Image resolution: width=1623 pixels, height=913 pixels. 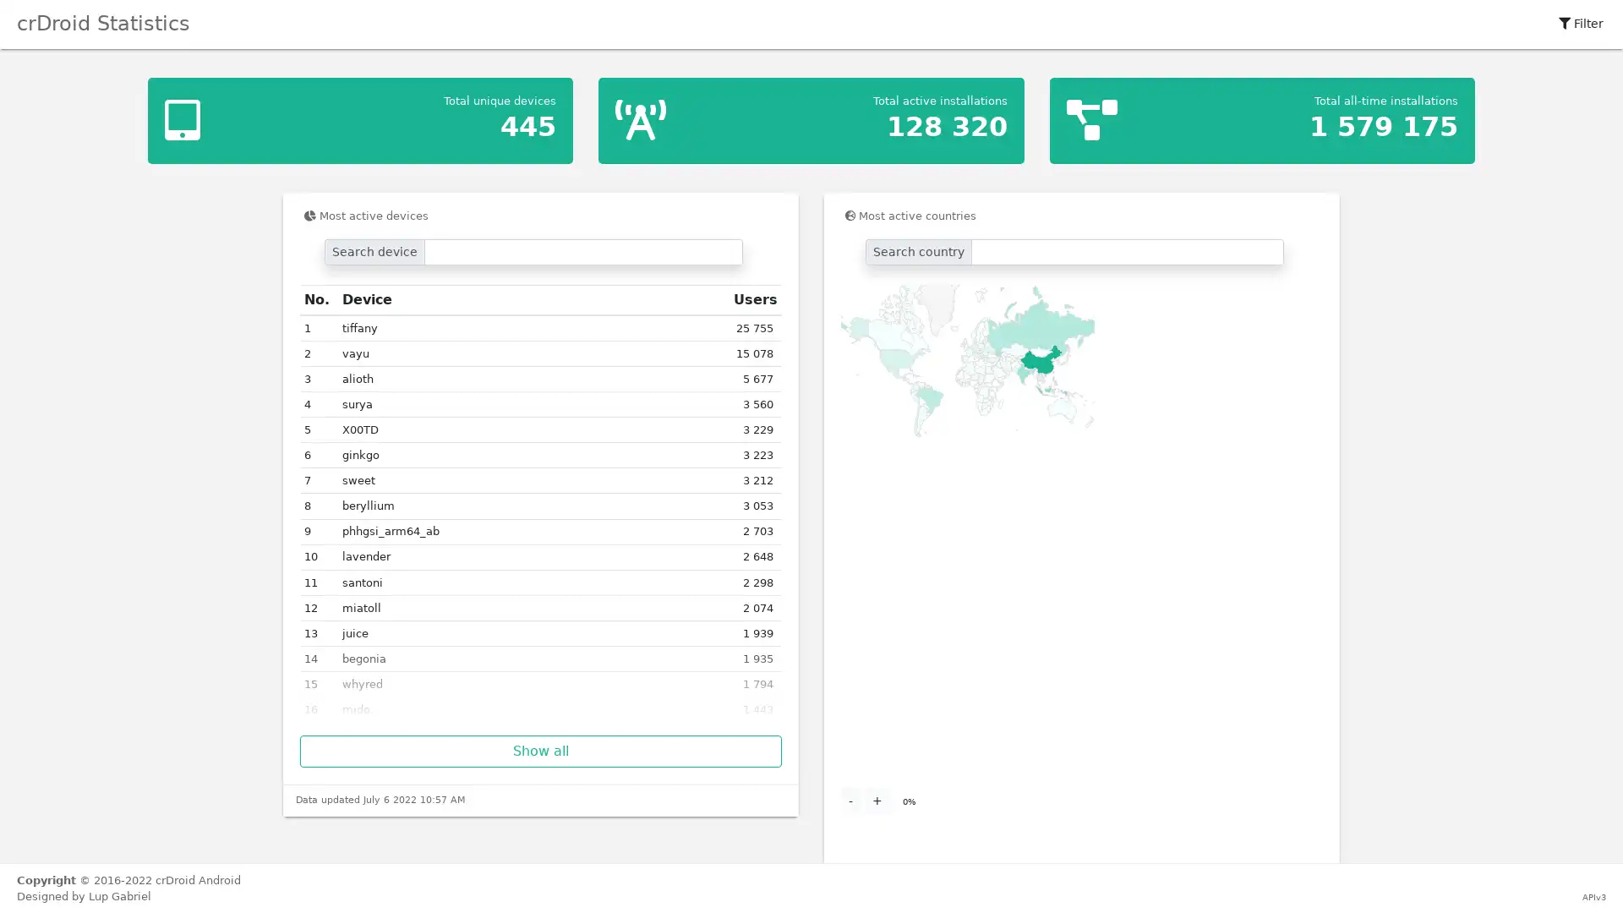 I want to click on Filter, so click(x=1580, y=24).